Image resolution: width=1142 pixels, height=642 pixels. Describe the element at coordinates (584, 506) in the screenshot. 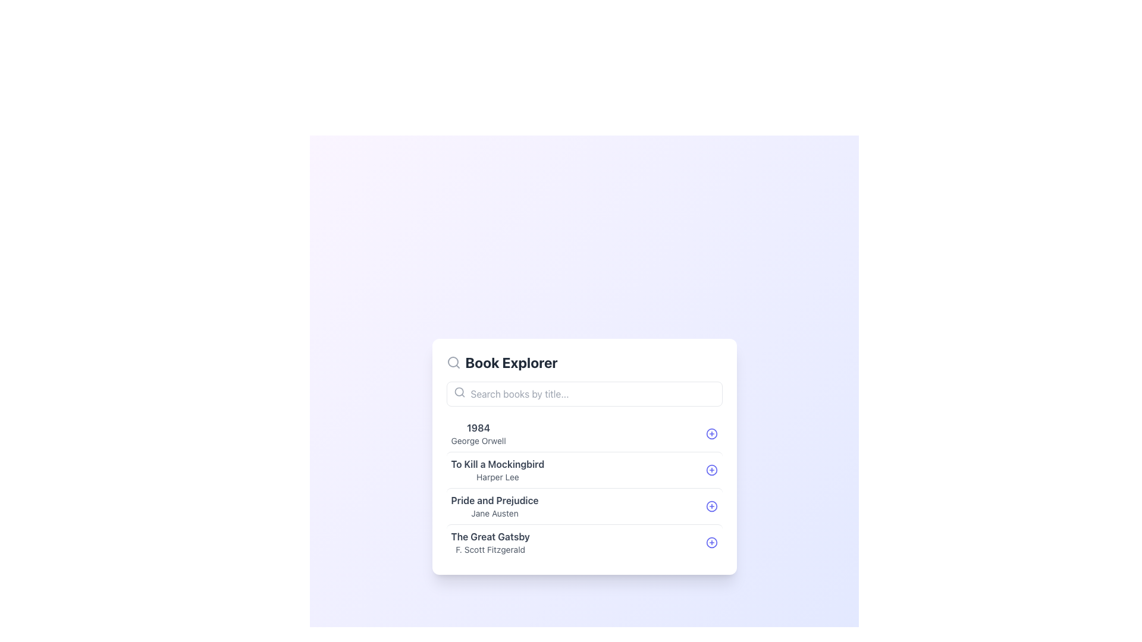

I see `the list entry for the book 'Pride and Prejudice' by Jane Austen, which is the third book in the list` at that location.